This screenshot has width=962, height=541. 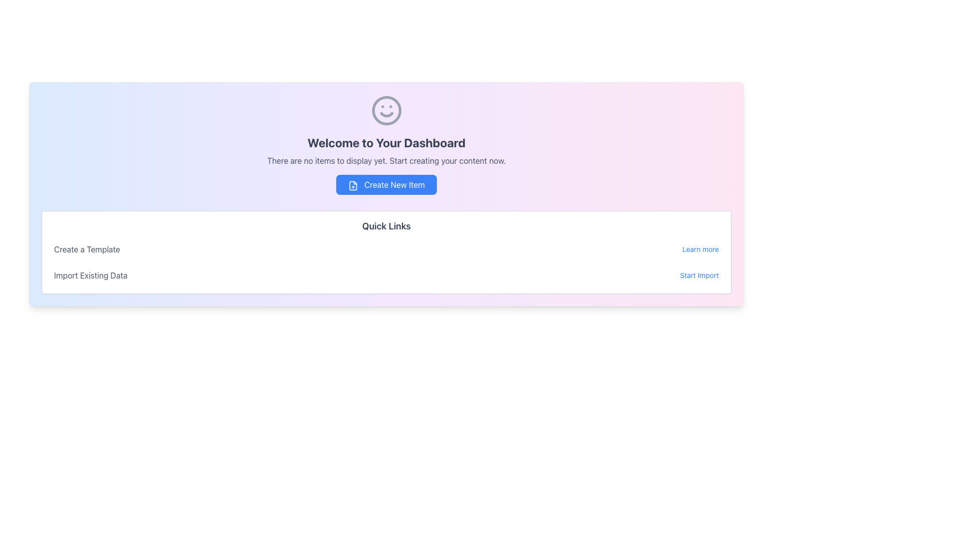 I want to click on the smiley face icon with a gray outline, featuring circular eyes and a curved mouth, positioned above the main title 'Welcome to Your Dashboard', so click(x=386, y=110).